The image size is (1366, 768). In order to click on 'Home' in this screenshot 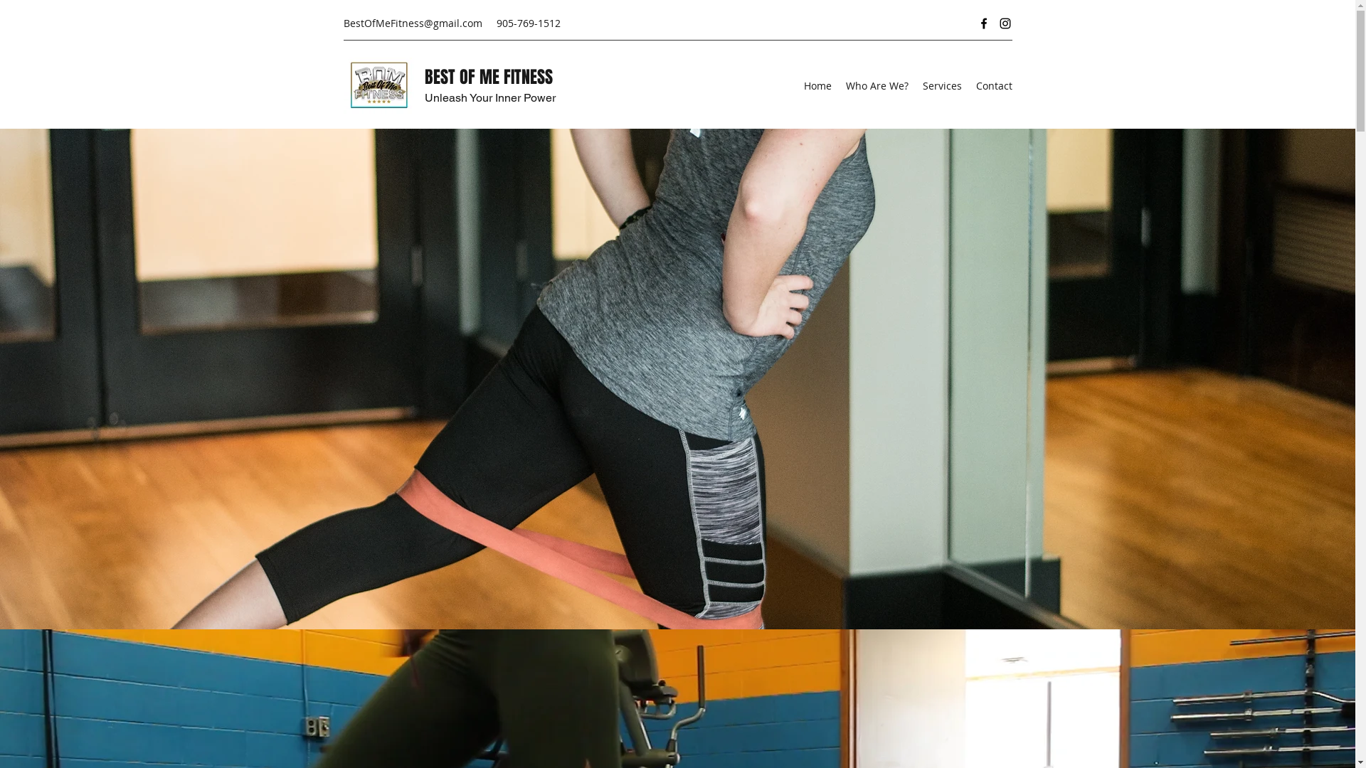, I will do `click(795, 85)`.